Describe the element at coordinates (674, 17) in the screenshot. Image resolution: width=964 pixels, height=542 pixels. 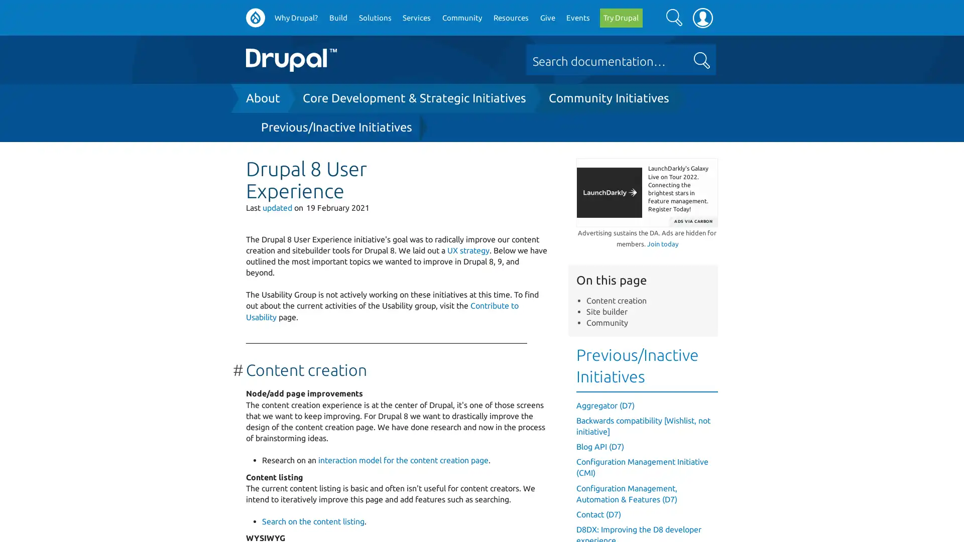
I see `Search` at that location.